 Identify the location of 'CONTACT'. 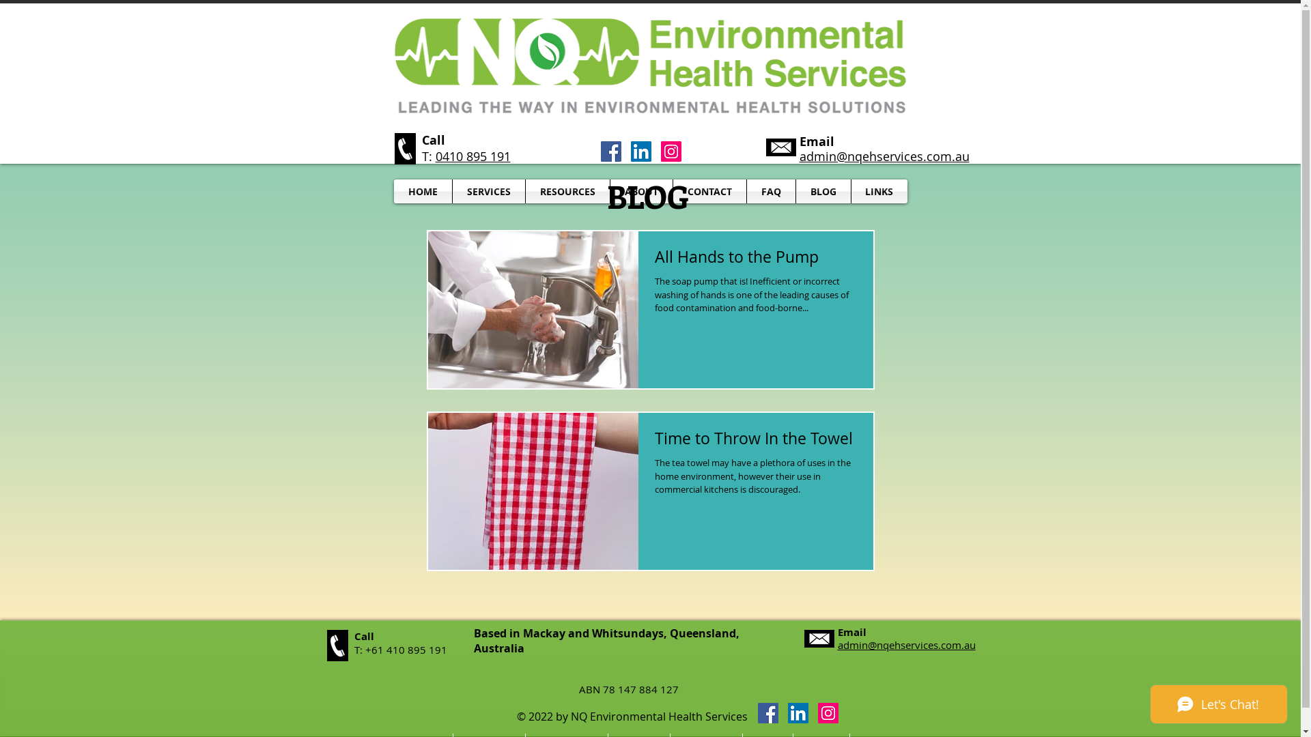
(709, 191).